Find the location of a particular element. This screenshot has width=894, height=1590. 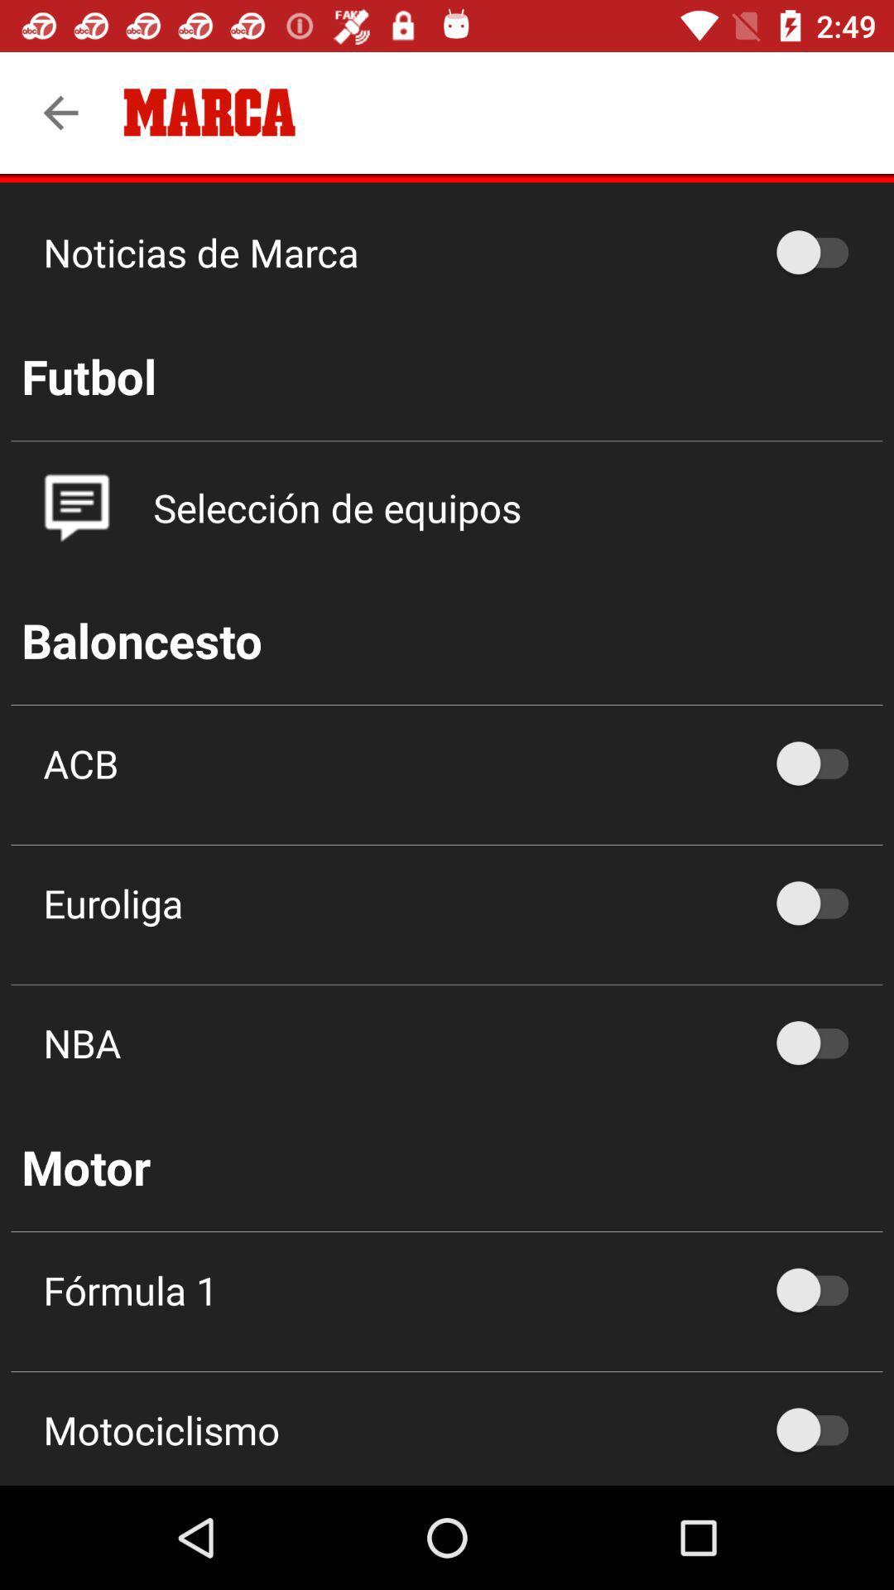

euroliga option is located at coordinates (820, 902).